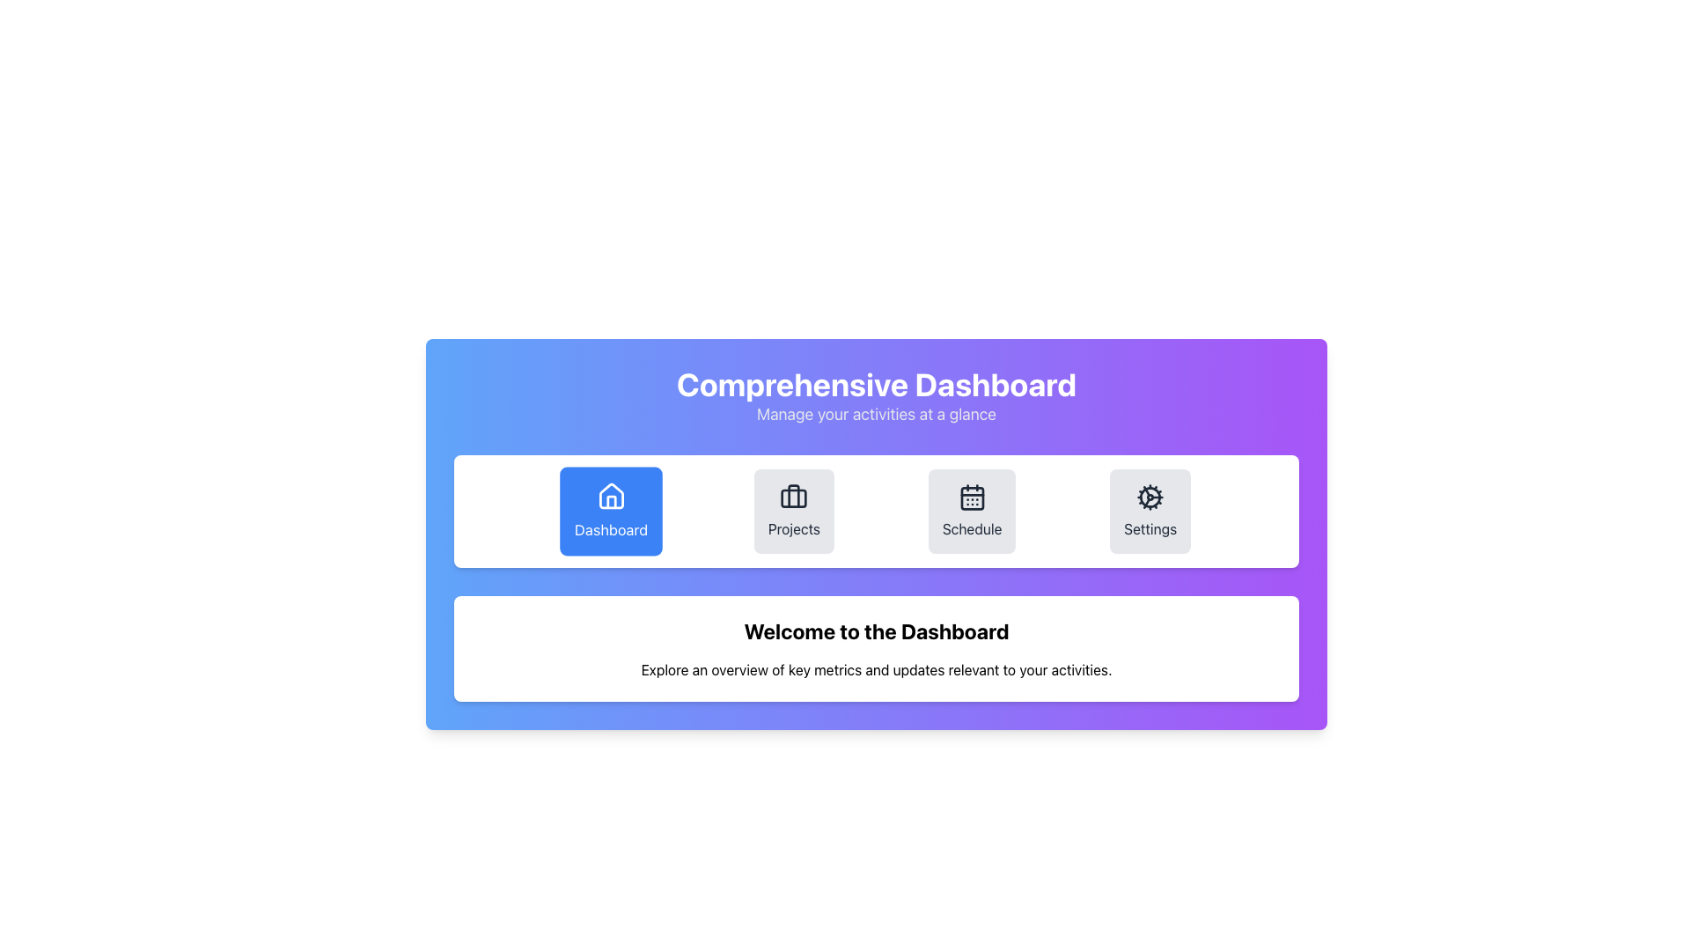 Image resolution: width=1690 pixels, height=951 pixels. What do you see at coordinates (971, 497) in the screenshot?
I see `the 'Schedule' icon, which is the third icon from the left in the header row of buttons` at bounding box center [971, 497].